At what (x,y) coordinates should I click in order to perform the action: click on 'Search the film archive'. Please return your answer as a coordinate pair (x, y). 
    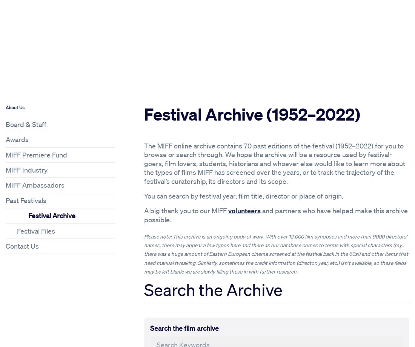
    Looking at the image, I should click on (149, 327).